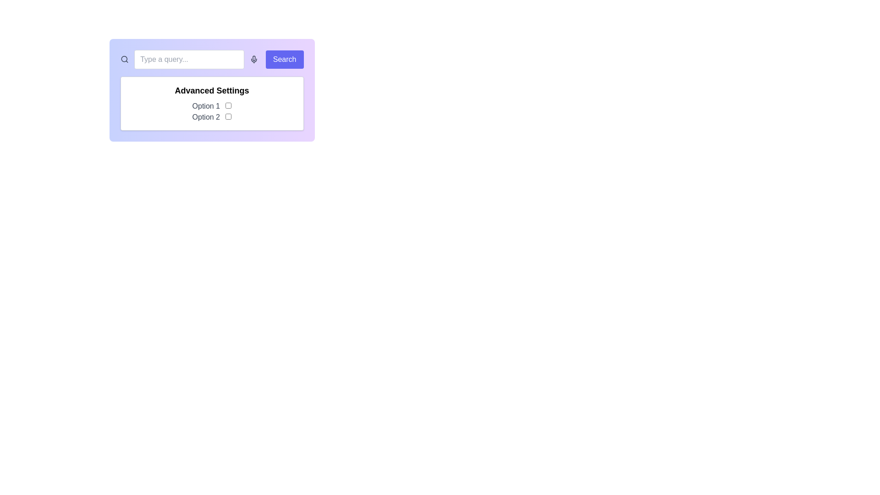 The width and height of the screenshot is (880, 495). What do you see at coordinates (211, 105) in the screenshot?
I see `the text label that identifies 'Option 1' in the 'Advanced Settings' section, which is located beneath the section header and above 'Option 2'` at bounding box center [211, 105].